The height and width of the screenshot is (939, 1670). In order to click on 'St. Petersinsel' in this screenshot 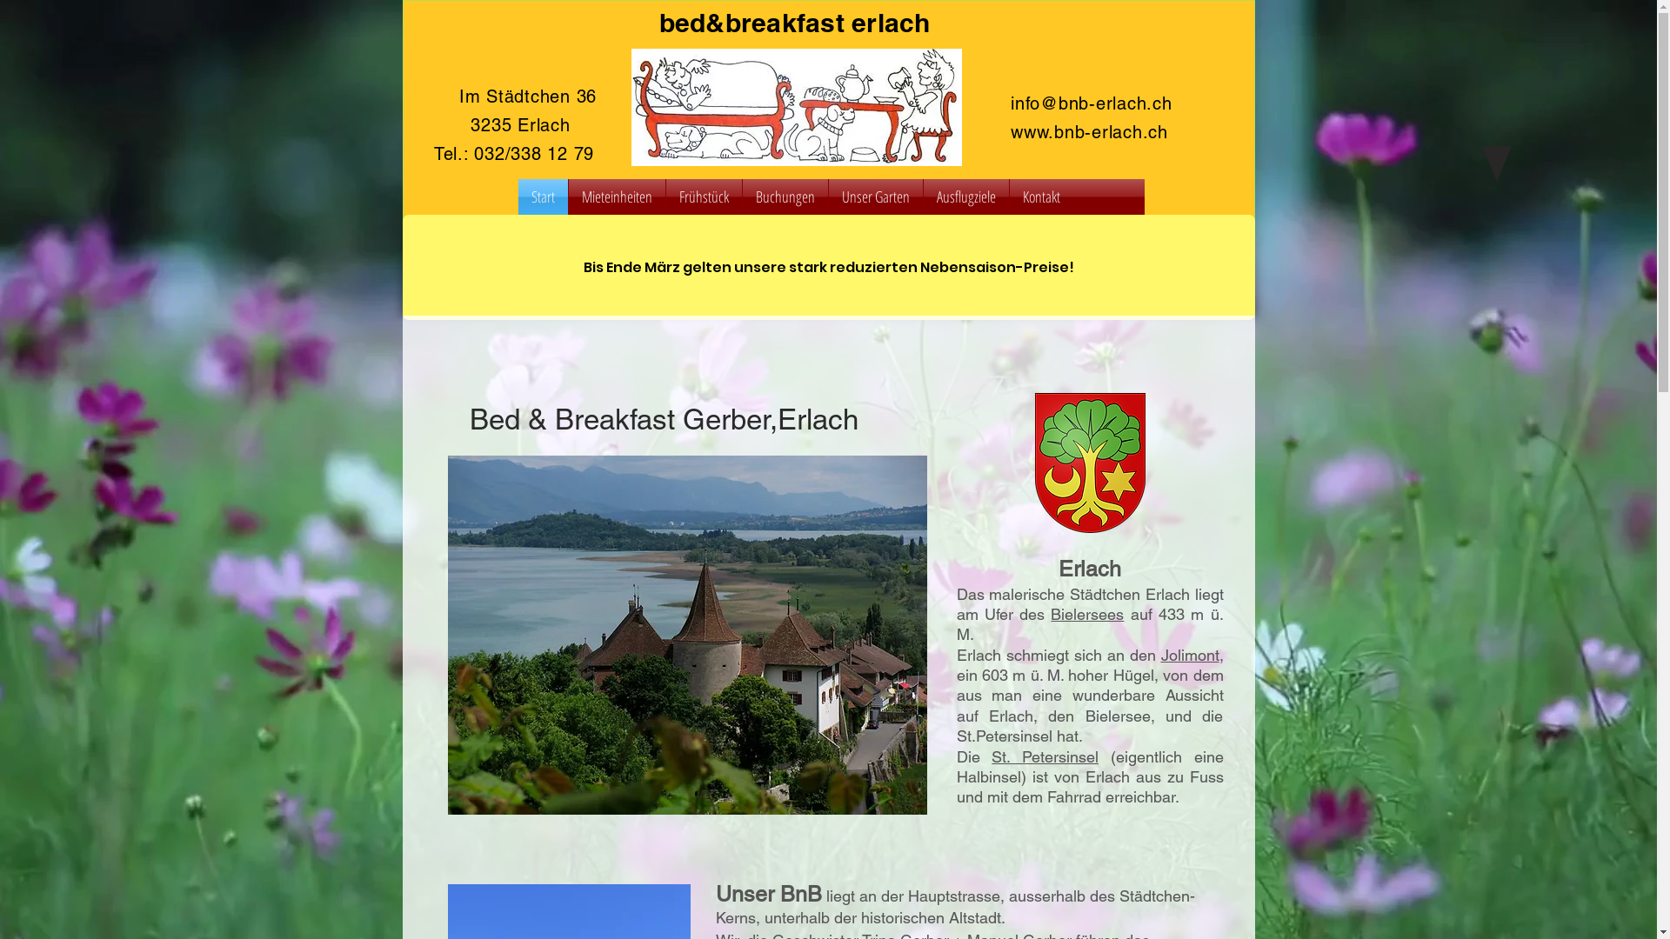, I will do `click(992, 756)`.